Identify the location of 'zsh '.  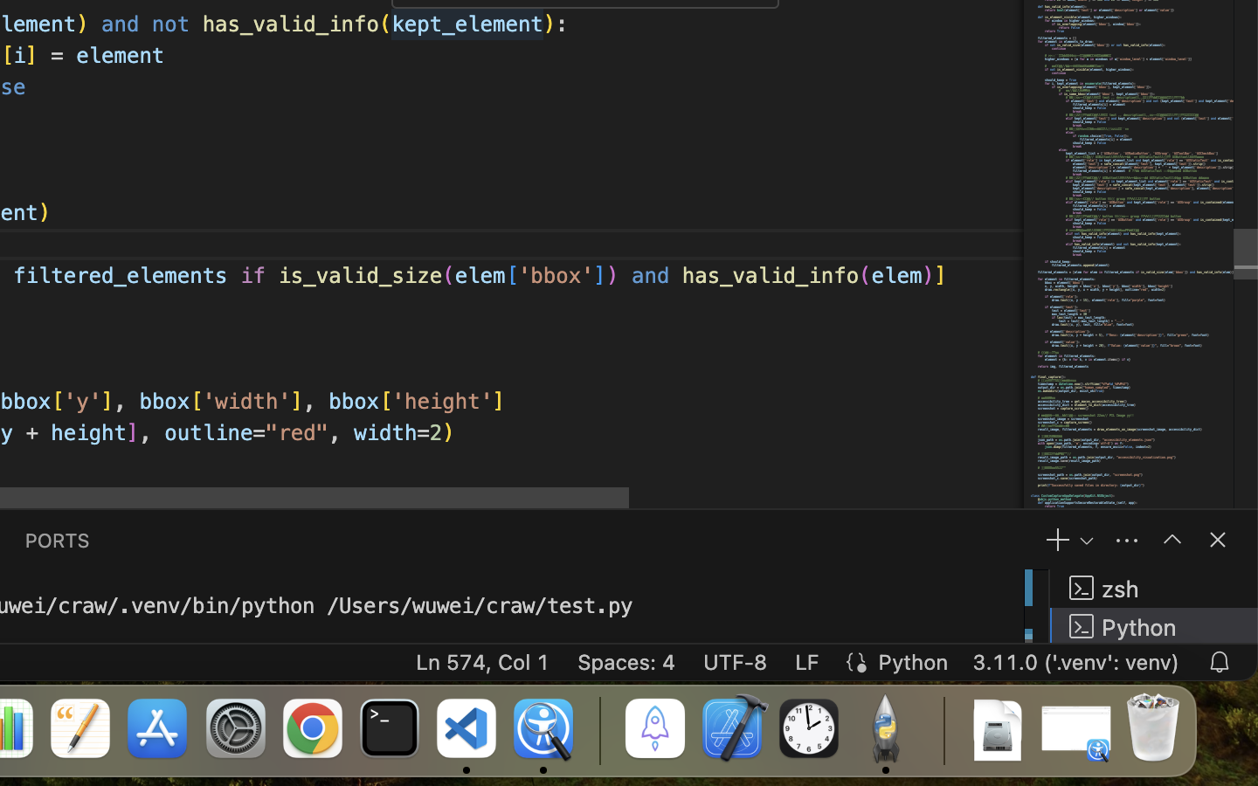
(1153, 589).